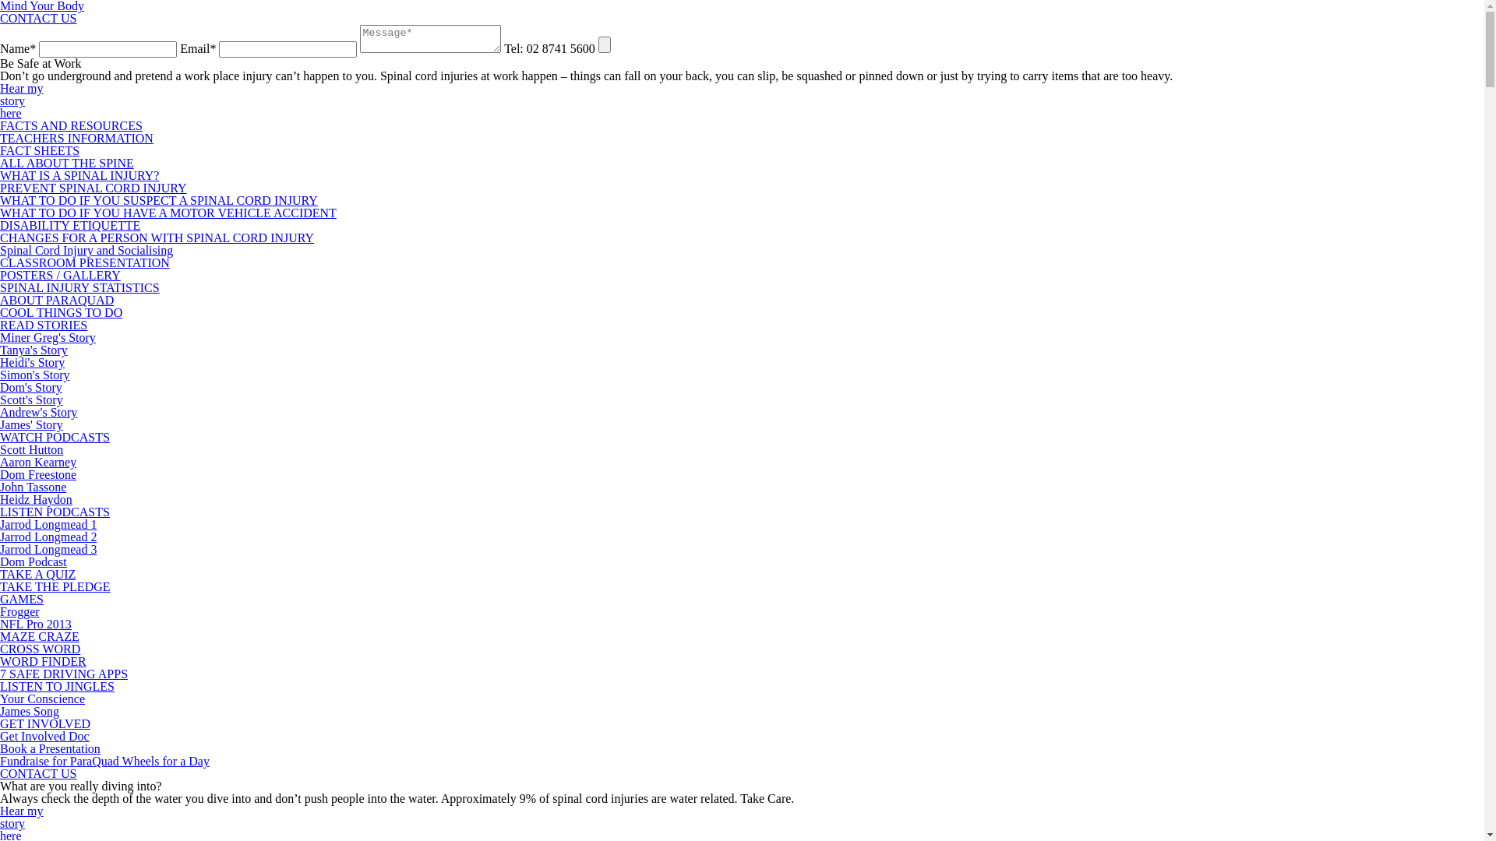 This screenshot has width=1496, height=841. I want to click on 'Spinal Cord Injury and Socialising', so click(0, 249).